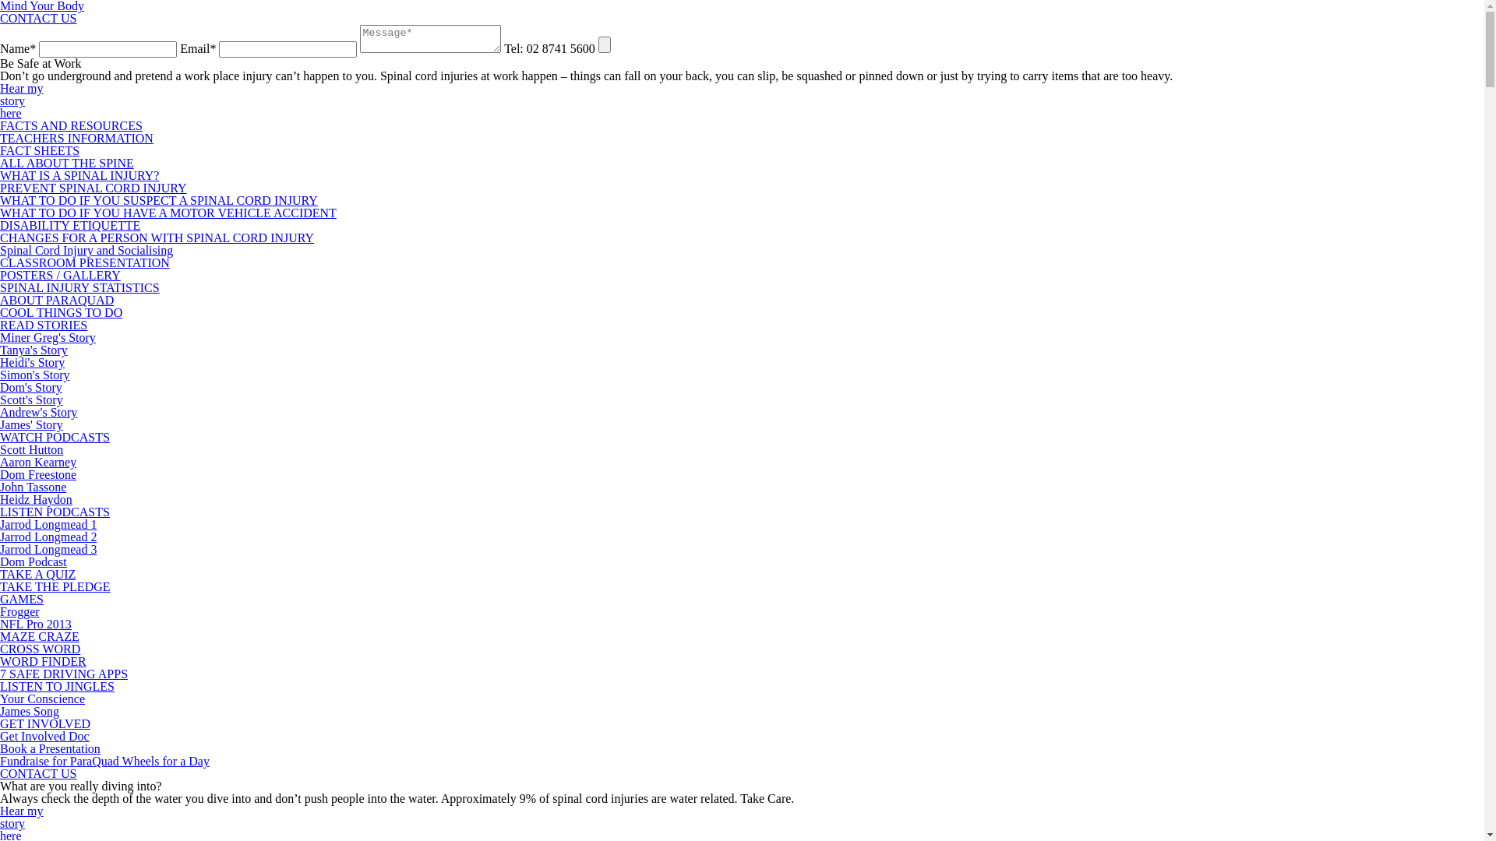 This screenshot has width=1496, height=841. I want to click on 'Spinal Cord Injury and Socialising', so click(0, 249).